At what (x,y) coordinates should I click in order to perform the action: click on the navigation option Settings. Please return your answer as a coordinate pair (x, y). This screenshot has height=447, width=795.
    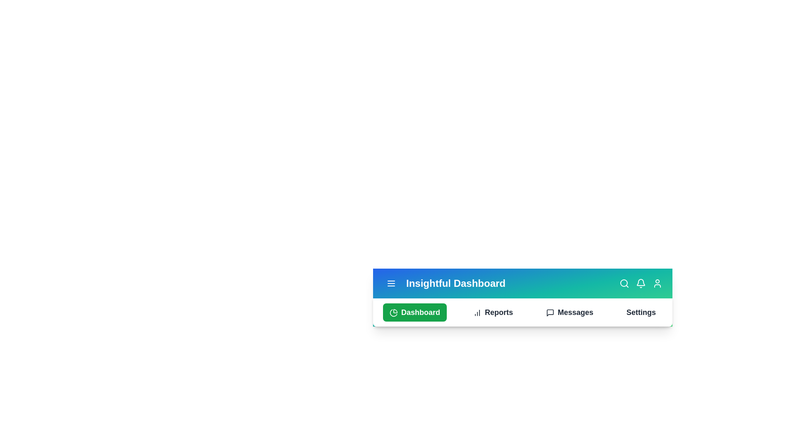
    Looking at the image, I should click on (641, 312).